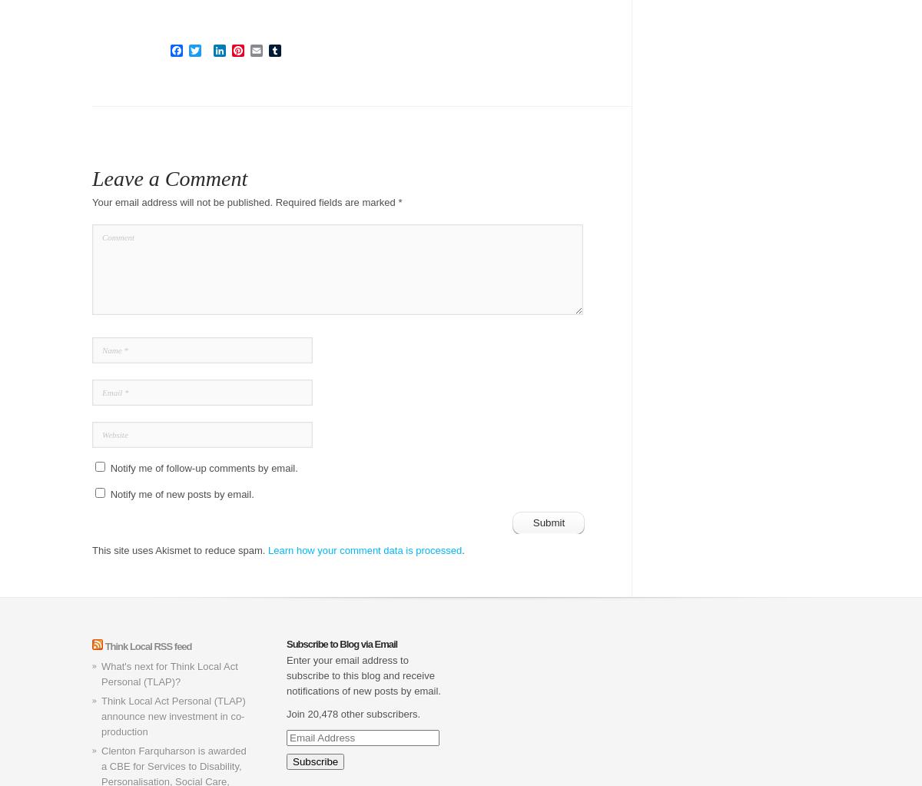  What do you see at coordinates (169, 177) in the screenshot?
I see `'Leave a Comment'` at bounding box center [169, 177].